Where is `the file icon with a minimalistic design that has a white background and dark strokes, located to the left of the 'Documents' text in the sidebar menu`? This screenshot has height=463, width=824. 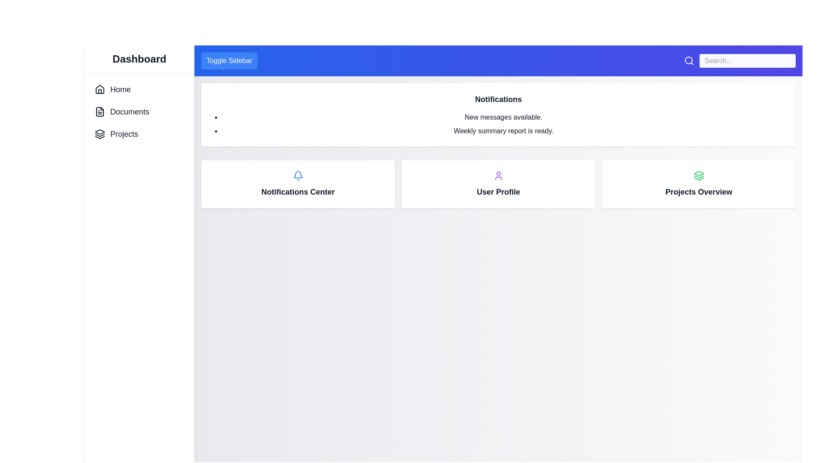
the file icon with a minimalistic design that has a white background and dark strokes, located to the left of the 'Documents' text in the sidebar menu is located at coordinates (100, 111).